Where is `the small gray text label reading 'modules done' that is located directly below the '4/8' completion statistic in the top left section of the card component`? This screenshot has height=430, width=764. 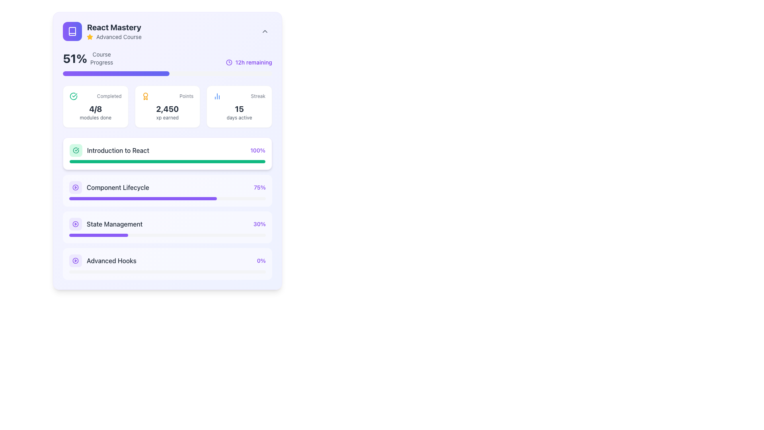
the small gray text label reading 'modules done' that is located directly below the '4/8' completion statistic in the top left section of the card component is located at coordinates (95, 118).